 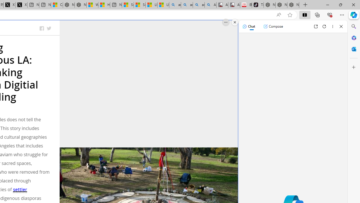 I want to click on 'Nordace - Siena Pro 15 Essential Set', so click(x=293, y=5).